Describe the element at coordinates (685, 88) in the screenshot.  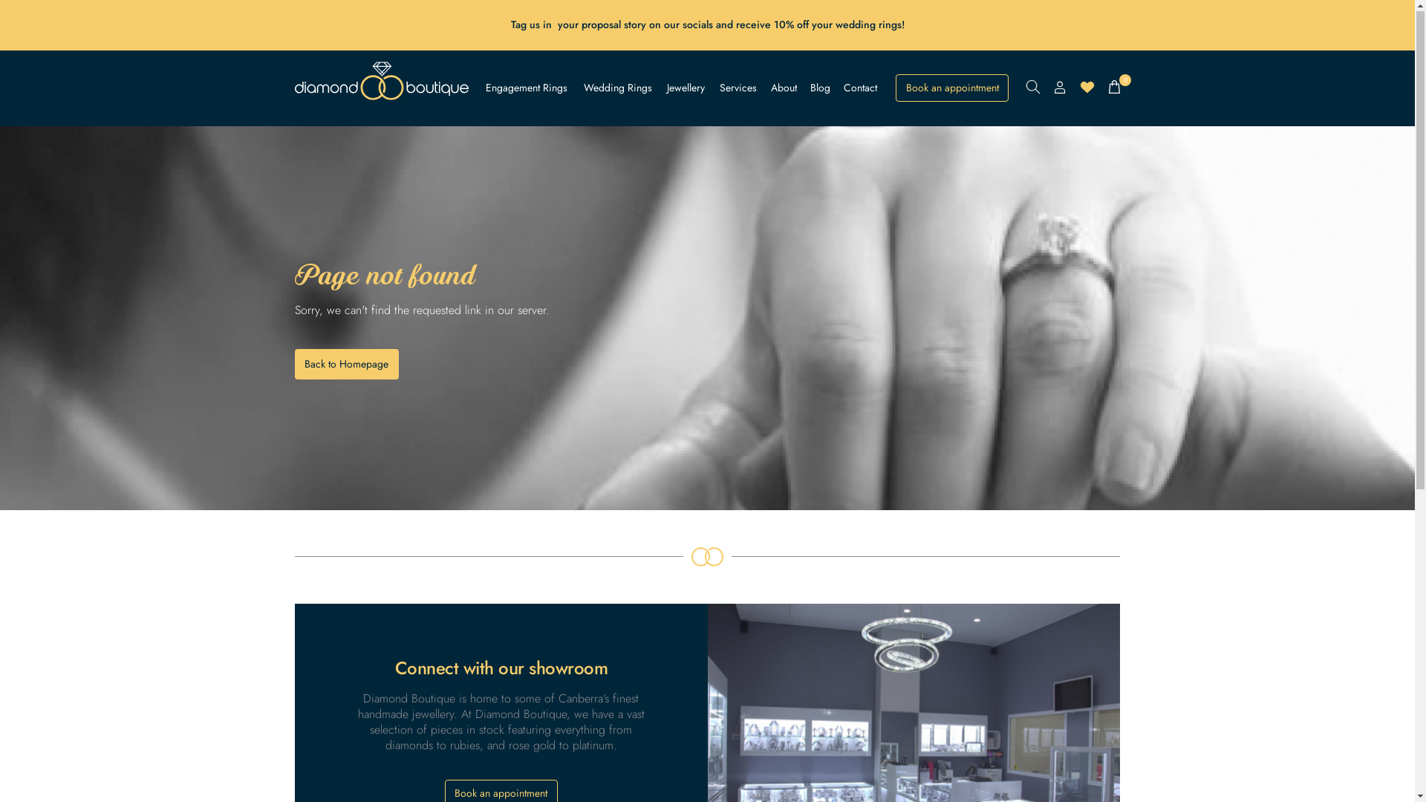
I see `'Jewellery'` at that location.